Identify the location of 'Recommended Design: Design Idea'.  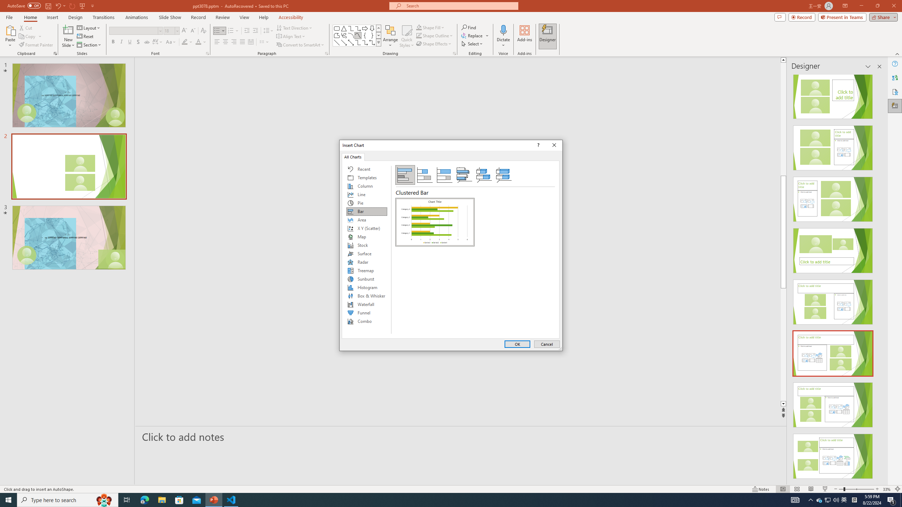
(833, 94).